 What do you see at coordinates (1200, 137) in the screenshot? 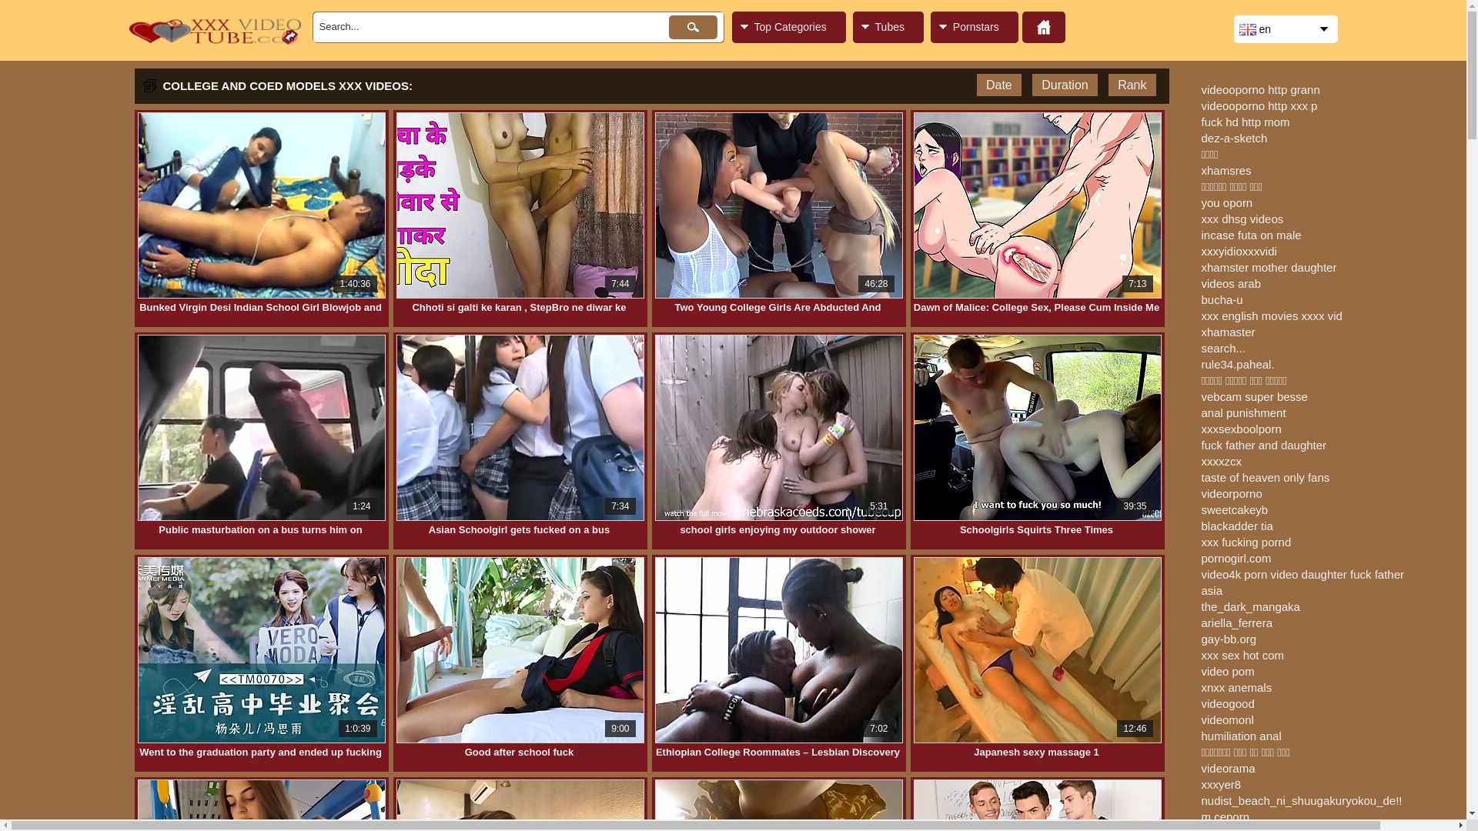
I see `'dez-a-sketch'` at bounding box center [1200, 137].